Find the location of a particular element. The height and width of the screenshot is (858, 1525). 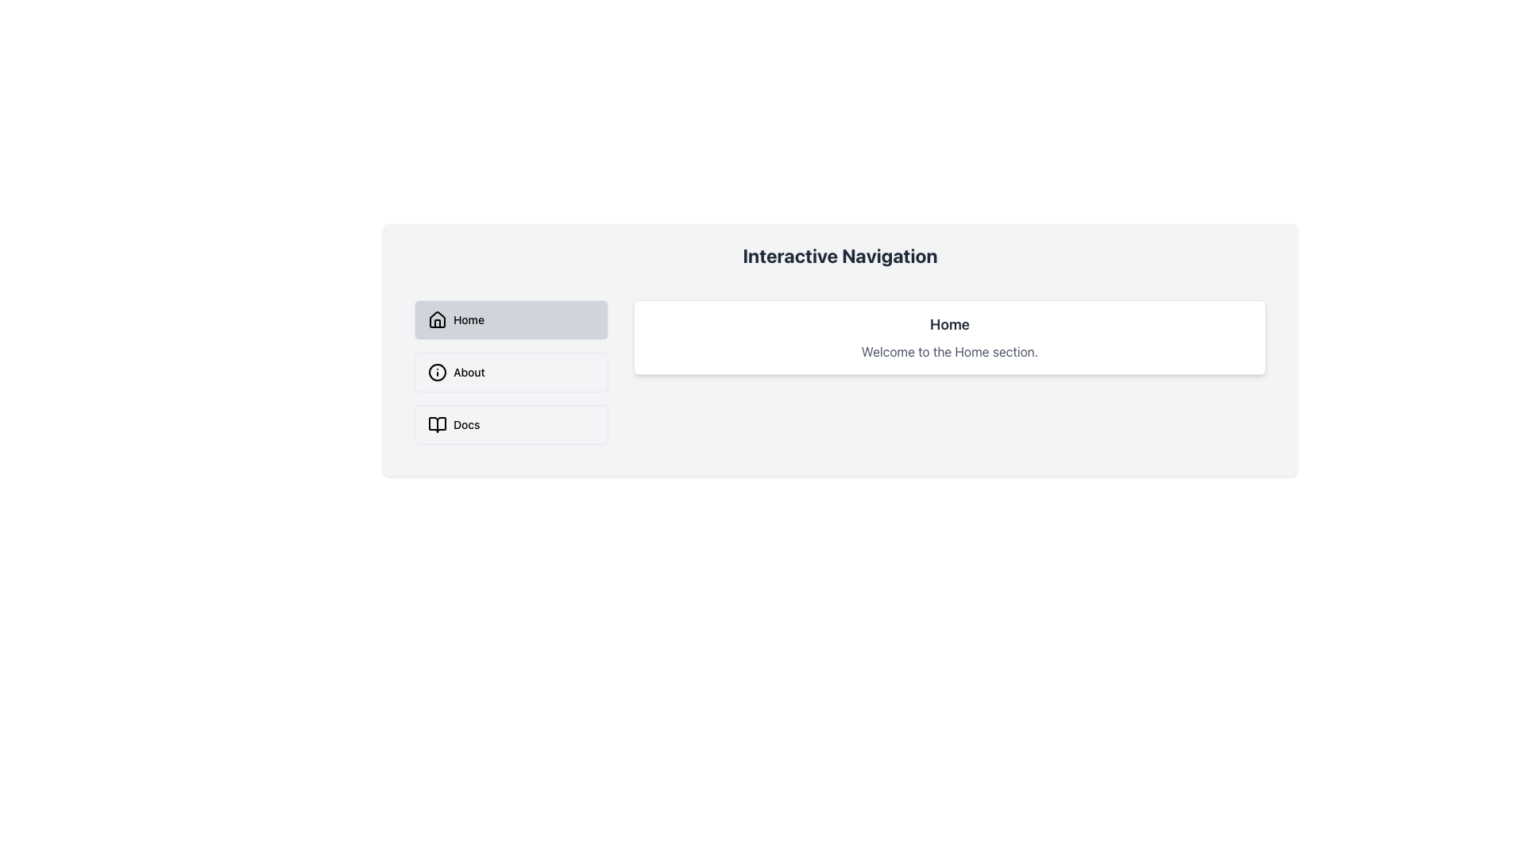

any item in the vertical navigation menu that displays 'Home', 'About', or 'Docs' is located at coordinates (511, 373).